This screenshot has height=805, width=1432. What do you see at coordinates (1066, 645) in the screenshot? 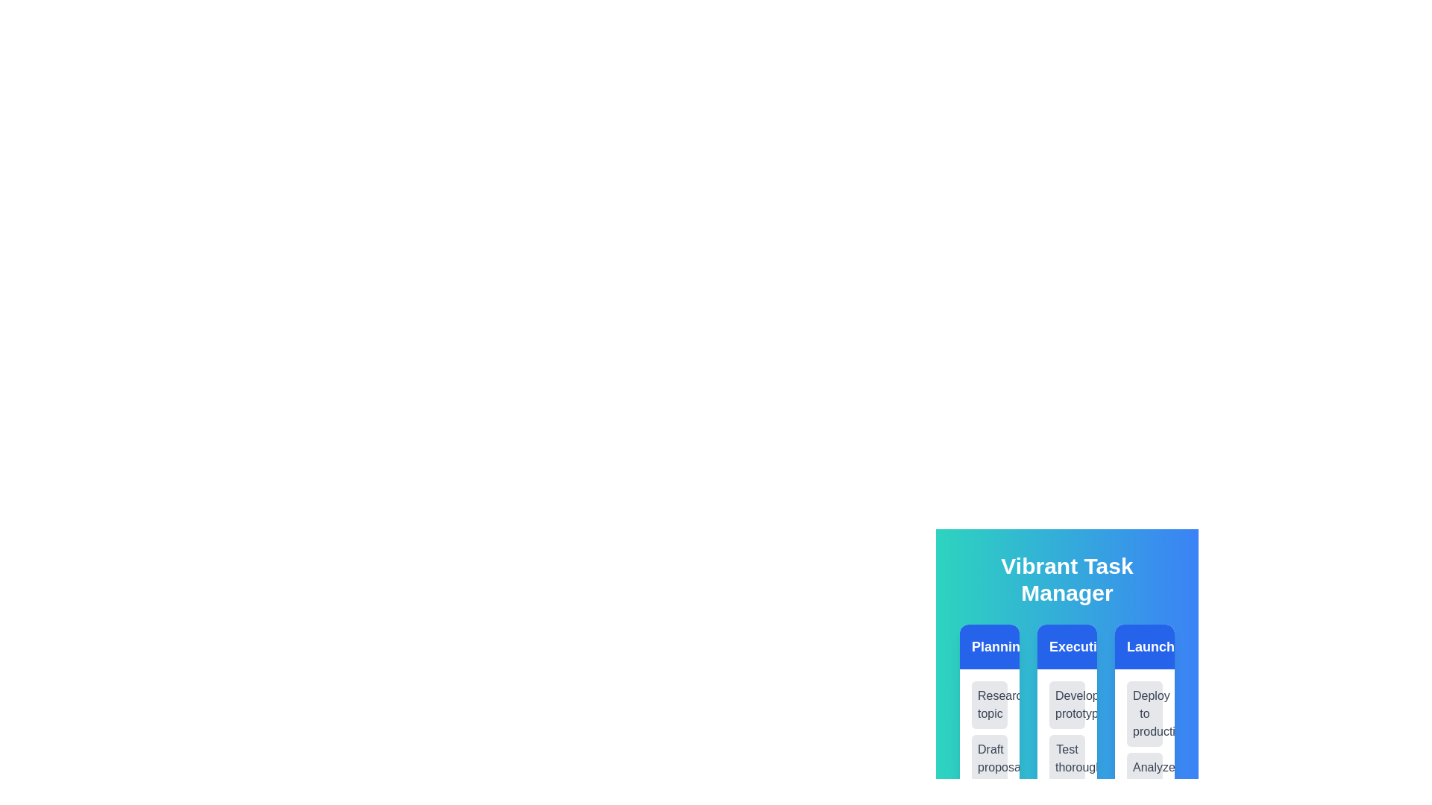
I see `the header labeled 'Execution' which is positioned in the middle of a three-column layout below 'Vibrant Task Manager'` at bounding box center [1066, 645].